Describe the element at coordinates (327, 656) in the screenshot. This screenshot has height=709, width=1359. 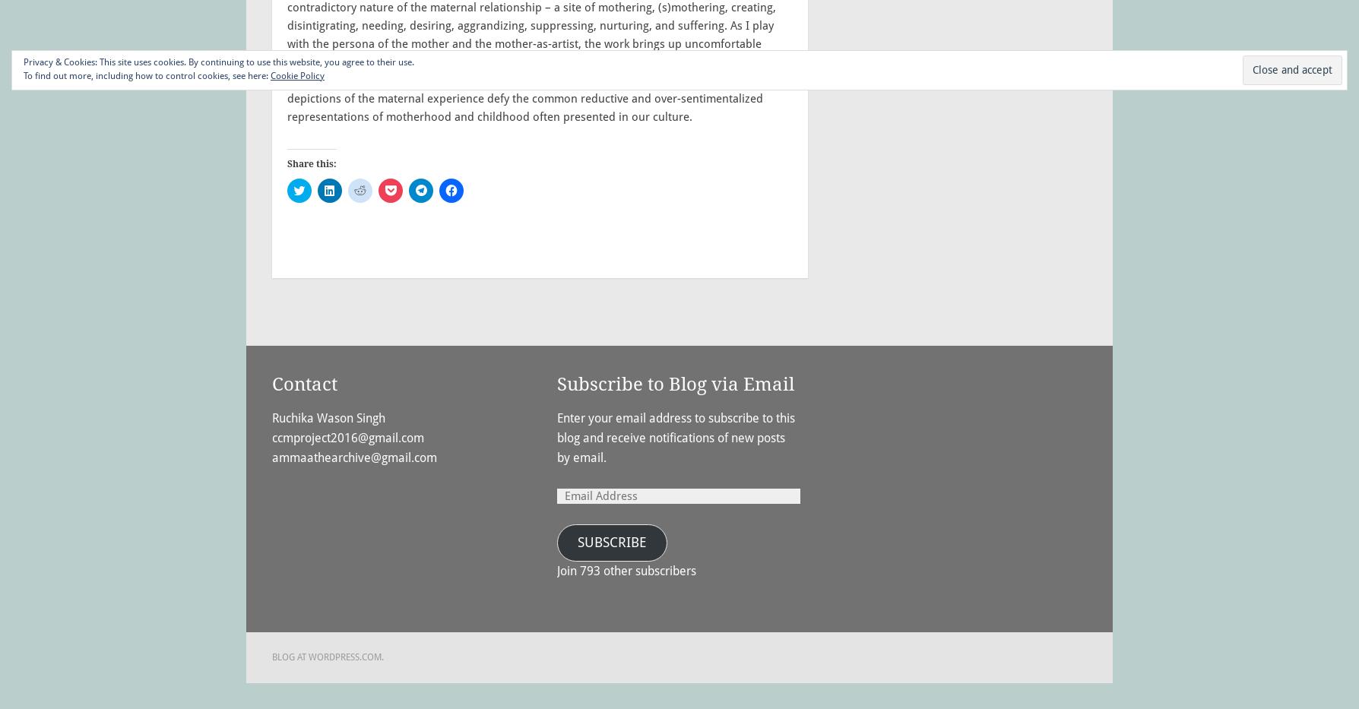
I see `'Blog at WordPress.com.'` at that location.